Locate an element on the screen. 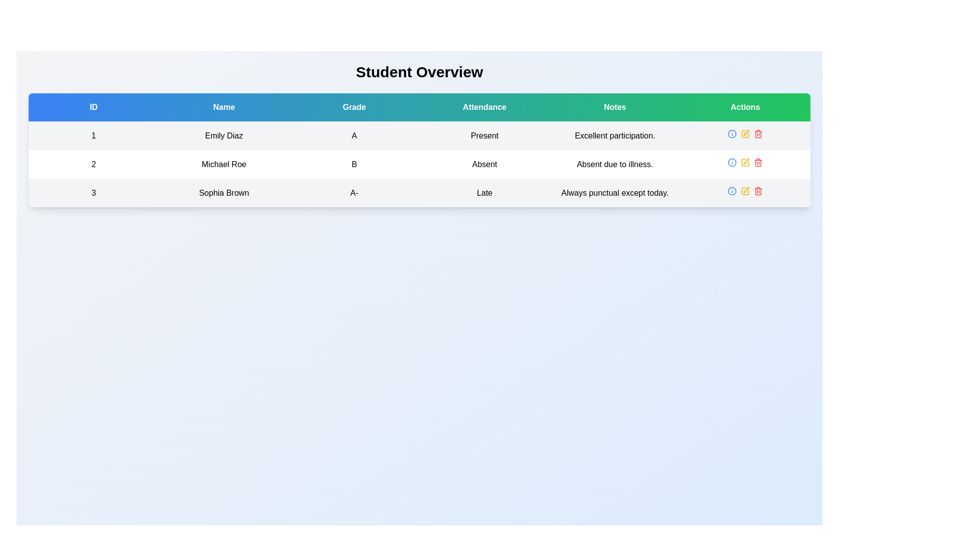 The width and height of the screenshot is (963, 542). the text label displaying the name of the individual in the first row of the table, located in the second column, to the right of the ID column and to the left of the Grade column is located at coordinates (223, 135).